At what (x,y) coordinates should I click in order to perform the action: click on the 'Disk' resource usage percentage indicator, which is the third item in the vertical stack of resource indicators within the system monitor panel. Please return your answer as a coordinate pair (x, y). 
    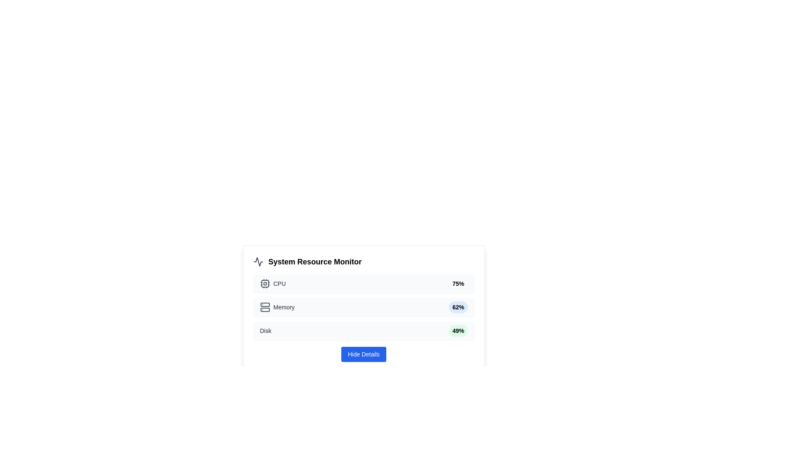
    Looking at the image, I should click on (364, 330).